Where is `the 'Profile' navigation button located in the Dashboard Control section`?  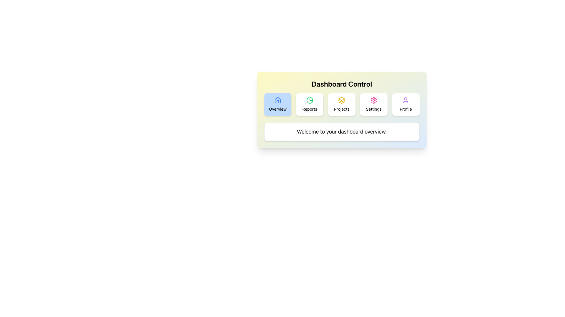
the 'Profile' navigation button located in the Dashboard Control section is located at coordinates (406, 104).